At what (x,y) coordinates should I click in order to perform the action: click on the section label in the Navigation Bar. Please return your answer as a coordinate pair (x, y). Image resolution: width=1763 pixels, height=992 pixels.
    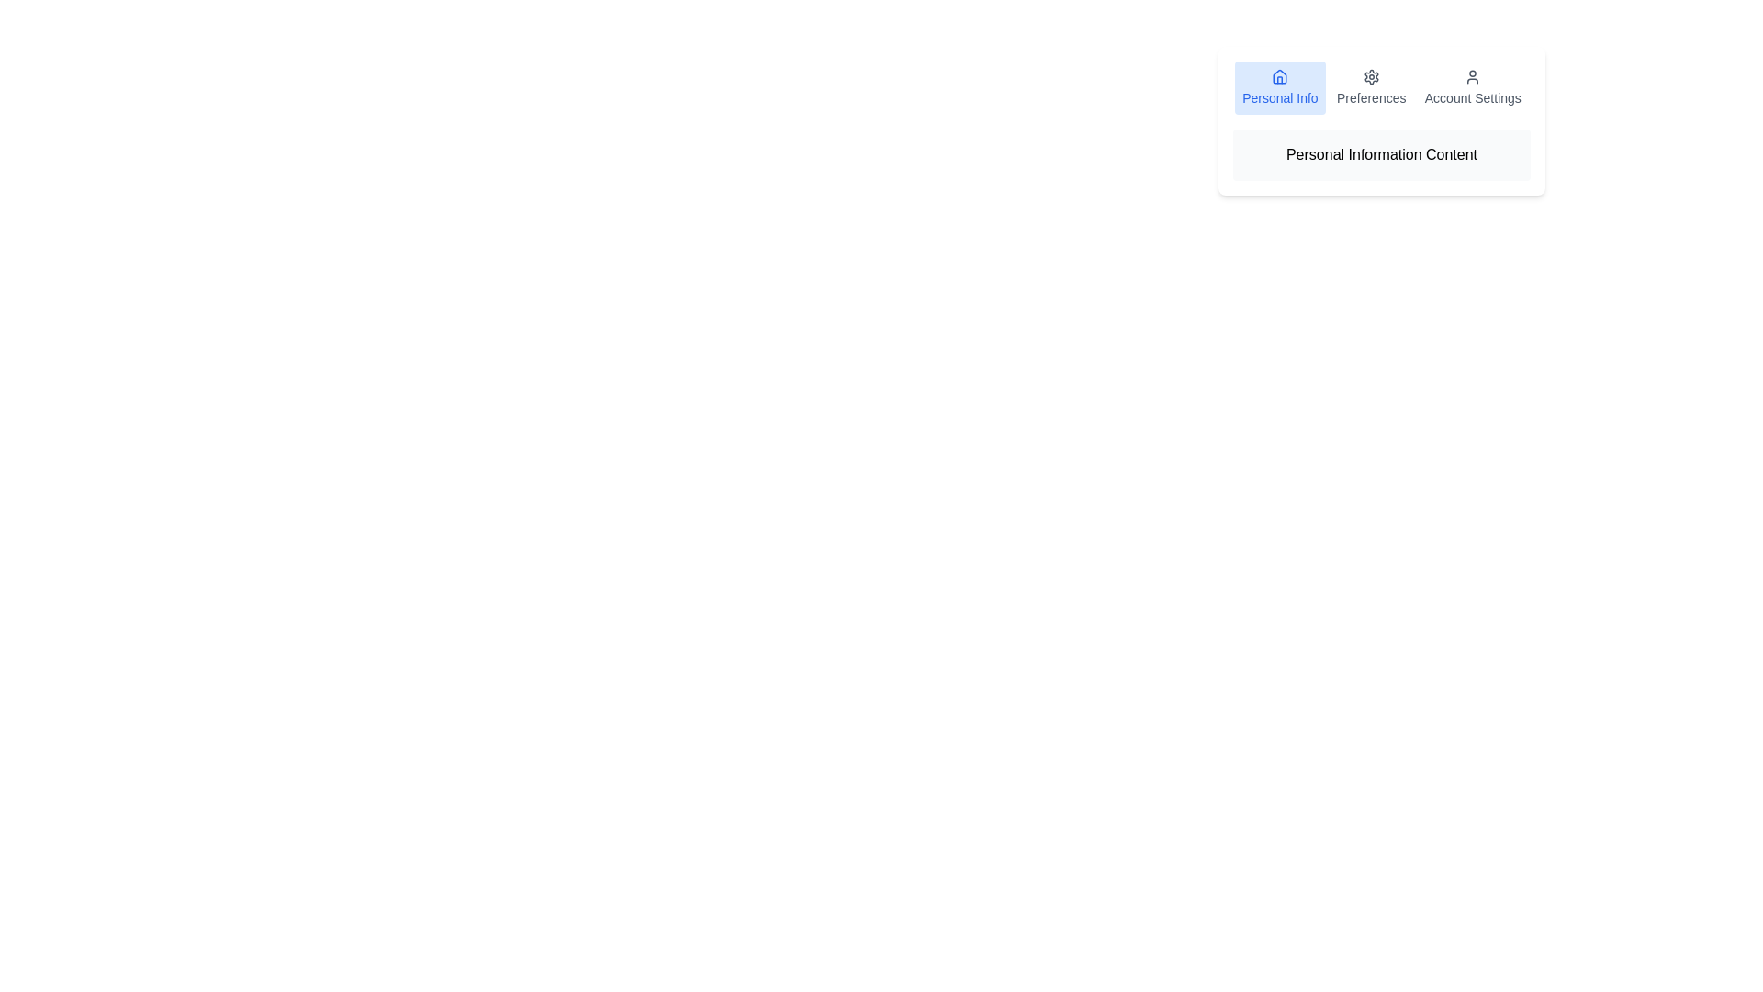
    Looking at the image, I should click on (1382, 88).